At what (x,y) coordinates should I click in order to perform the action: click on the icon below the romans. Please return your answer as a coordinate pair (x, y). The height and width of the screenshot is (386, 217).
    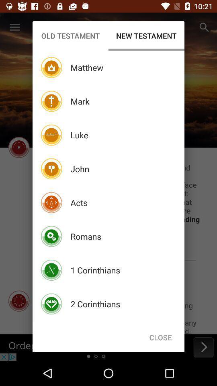
    Looking at the image, I should click on (95, 270).